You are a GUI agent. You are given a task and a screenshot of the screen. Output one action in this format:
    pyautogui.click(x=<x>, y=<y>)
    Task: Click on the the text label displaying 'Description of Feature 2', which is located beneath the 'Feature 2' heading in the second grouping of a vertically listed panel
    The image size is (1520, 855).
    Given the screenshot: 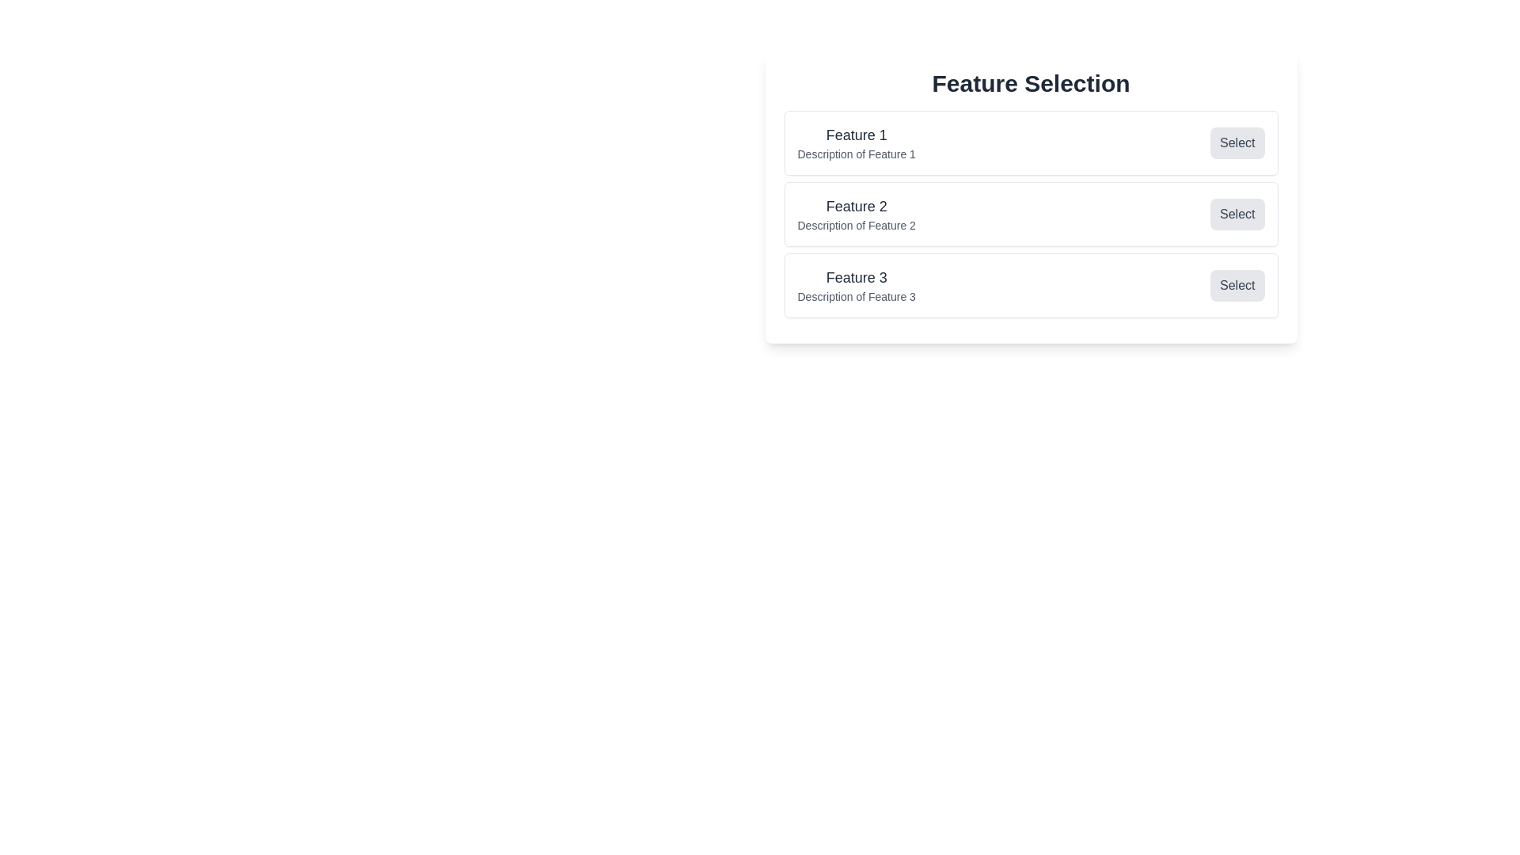 What is the action you would take?
    pyautogui.click(x=856, y=226)
    